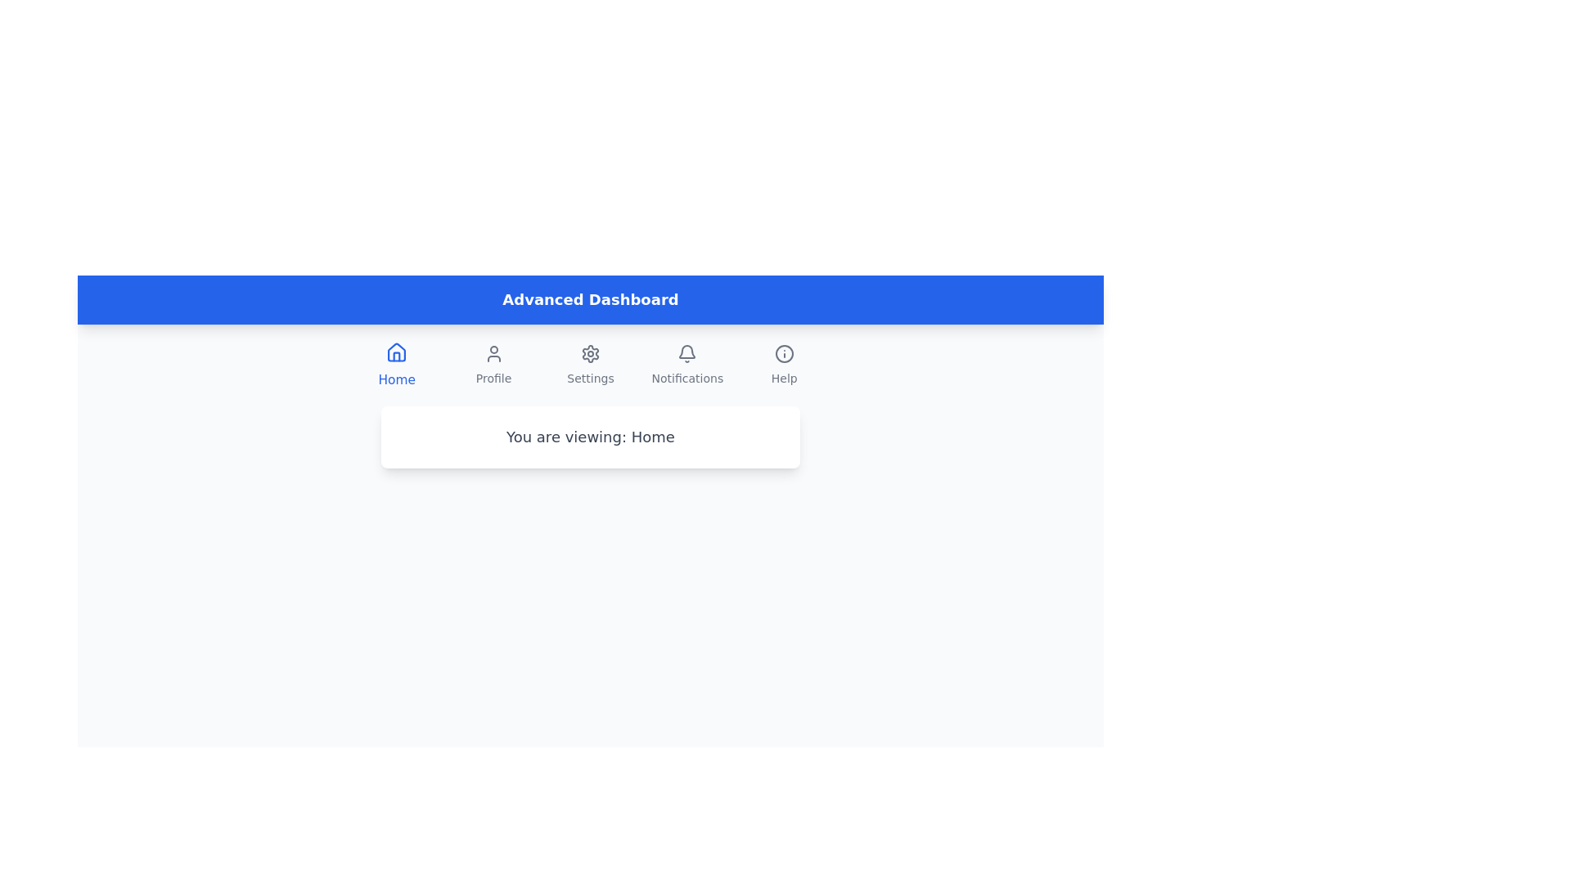 The image size is (1571, 883). What do you see at coordinates (783, 352) in the screenshot?
I see `the 'Help' icon located at the rightmost position in the navigation bar` at bounding box center [783, 352].